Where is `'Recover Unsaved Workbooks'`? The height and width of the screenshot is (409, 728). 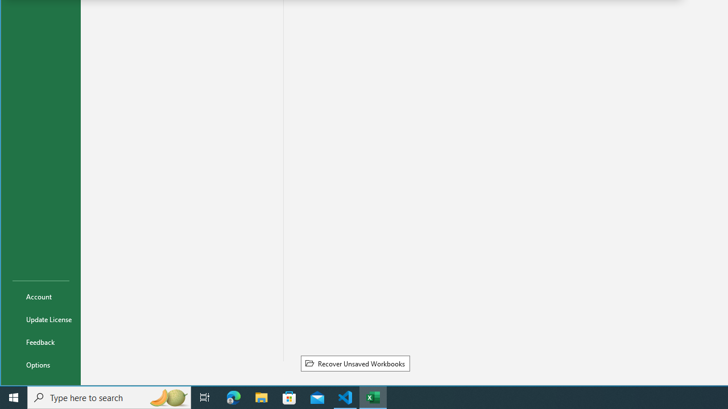 'Recover Unsaved Workbooks' is located at coordinates (354, 363).